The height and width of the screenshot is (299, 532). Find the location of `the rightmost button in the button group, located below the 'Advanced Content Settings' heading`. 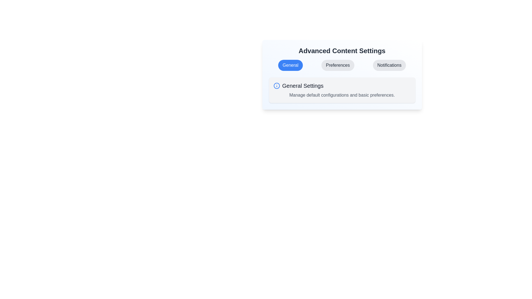

the rightmost button in the button group, located below the 'Advanced Content Settings' heading is located at coordinates (389, 65).